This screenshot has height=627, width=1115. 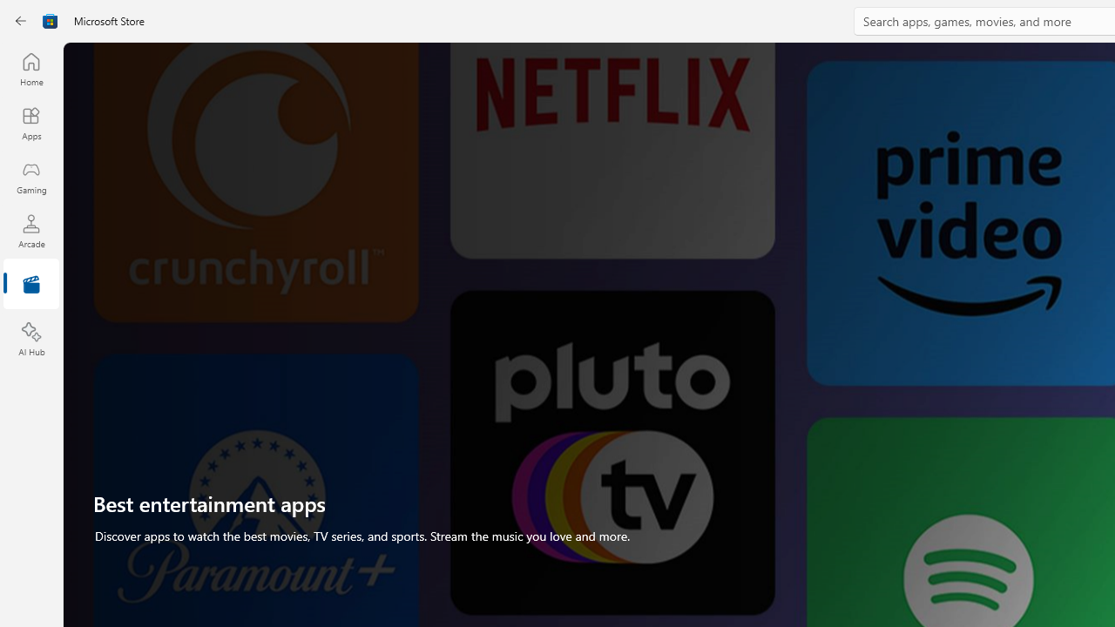 I want to click on 'Class: Image', so click(x=51, y=21).